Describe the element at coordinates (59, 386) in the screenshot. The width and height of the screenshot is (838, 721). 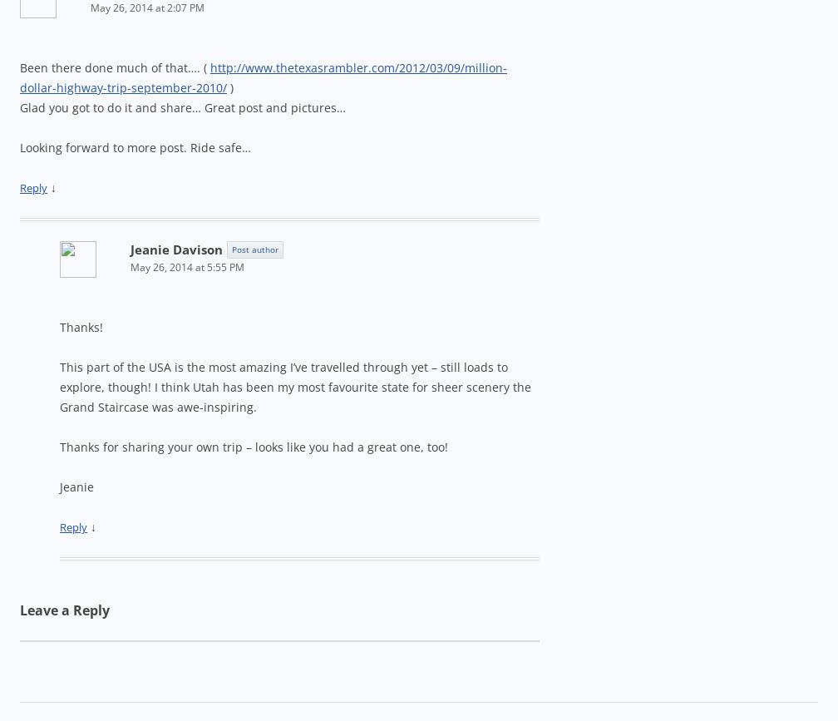
I see `'This part of the USA is the most amazing I’ve travelled through yet – still loads to explore, though! I think Utah has been my most favourite state for sheer scenery the Grand Staircase was awe-inspiring.'` at that location.